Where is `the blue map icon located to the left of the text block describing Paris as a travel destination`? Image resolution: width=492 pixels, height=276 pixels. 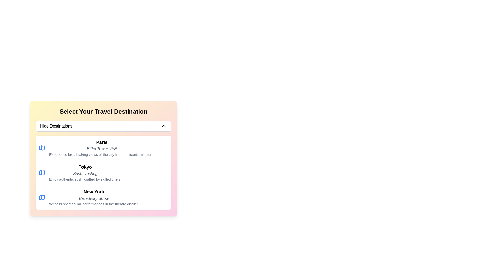
the blue map icon located to the left of the text block describing Paris as a travel destination is located at coordinates (42, 148).